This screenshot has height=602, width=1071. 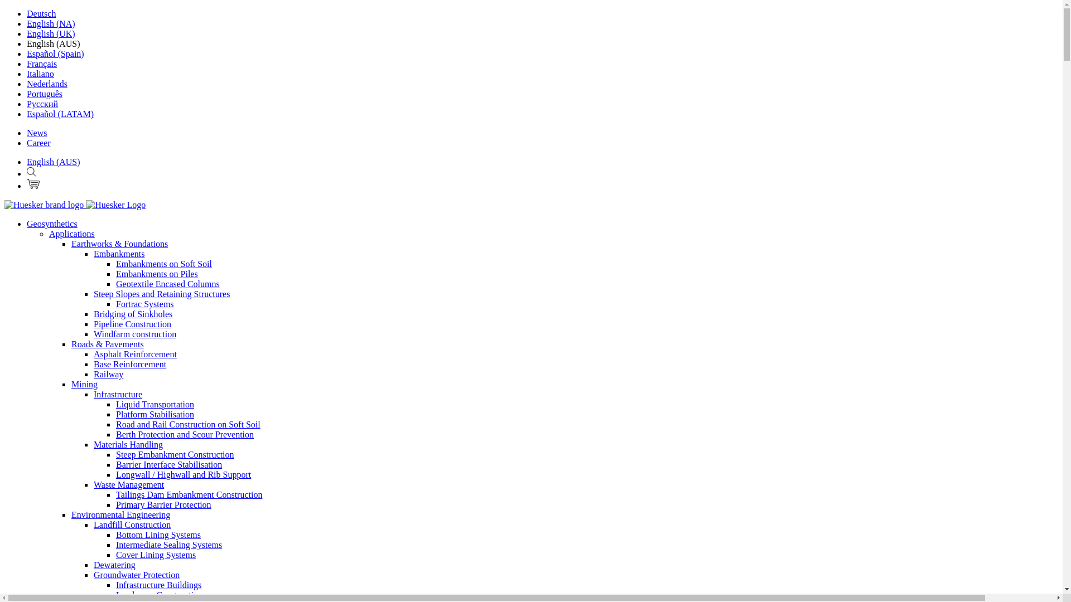 What do you see at coordinates (136, 575) in the screenshot?
I see `'Groundwater Protection'` at bounding box center [136, 575].